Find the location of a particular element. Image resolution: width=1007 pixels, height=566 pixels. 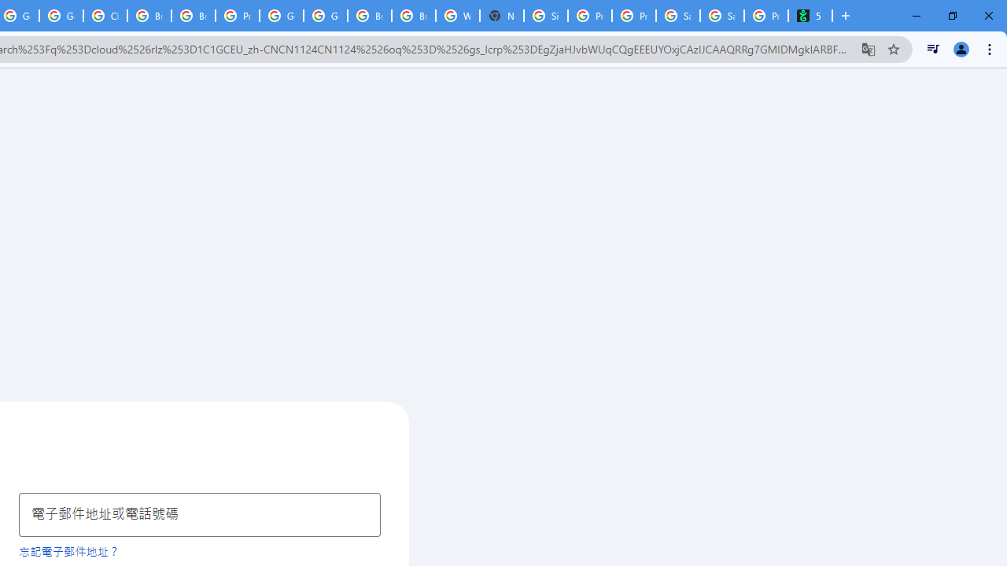

'Browse Chrome as a guest - Computer - Google Chrome Help' is located at coordinates (368, 16).